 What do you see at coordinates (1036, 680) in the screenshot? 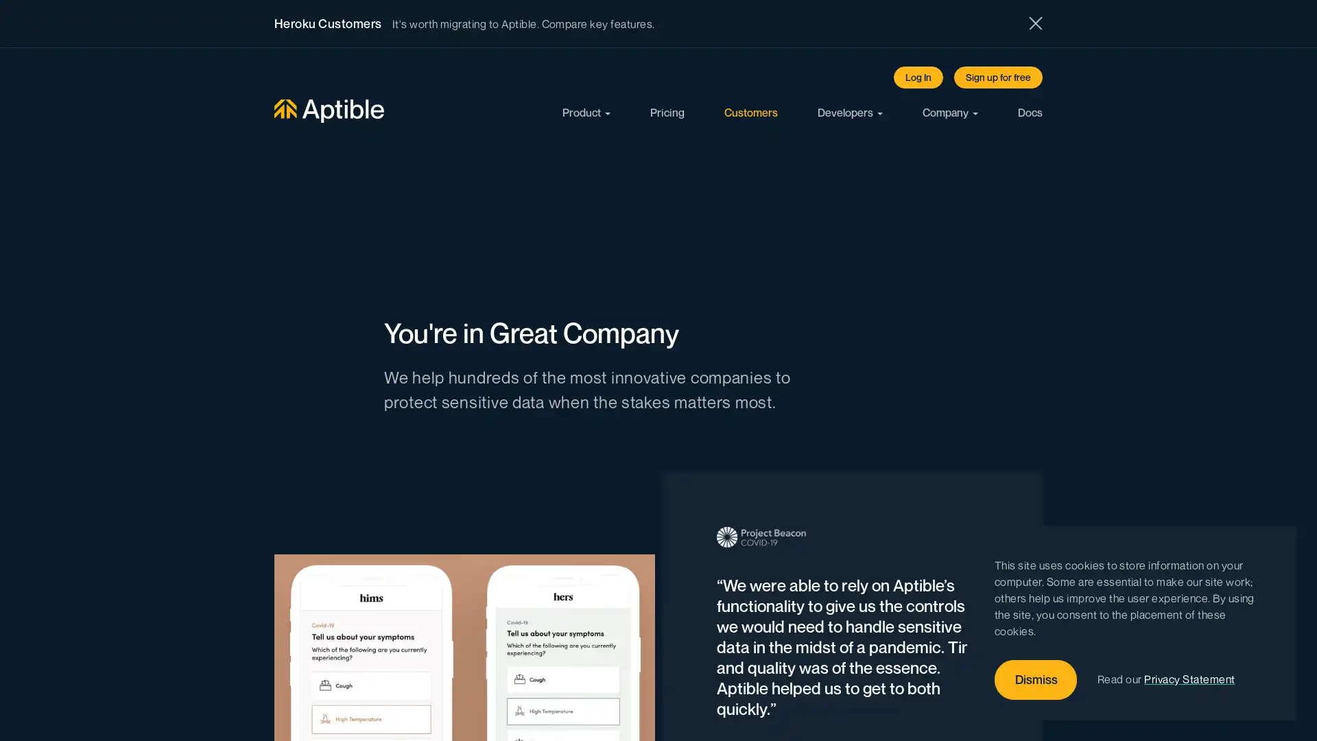
I see `Dismiss` at bounding box center [1036, 680].